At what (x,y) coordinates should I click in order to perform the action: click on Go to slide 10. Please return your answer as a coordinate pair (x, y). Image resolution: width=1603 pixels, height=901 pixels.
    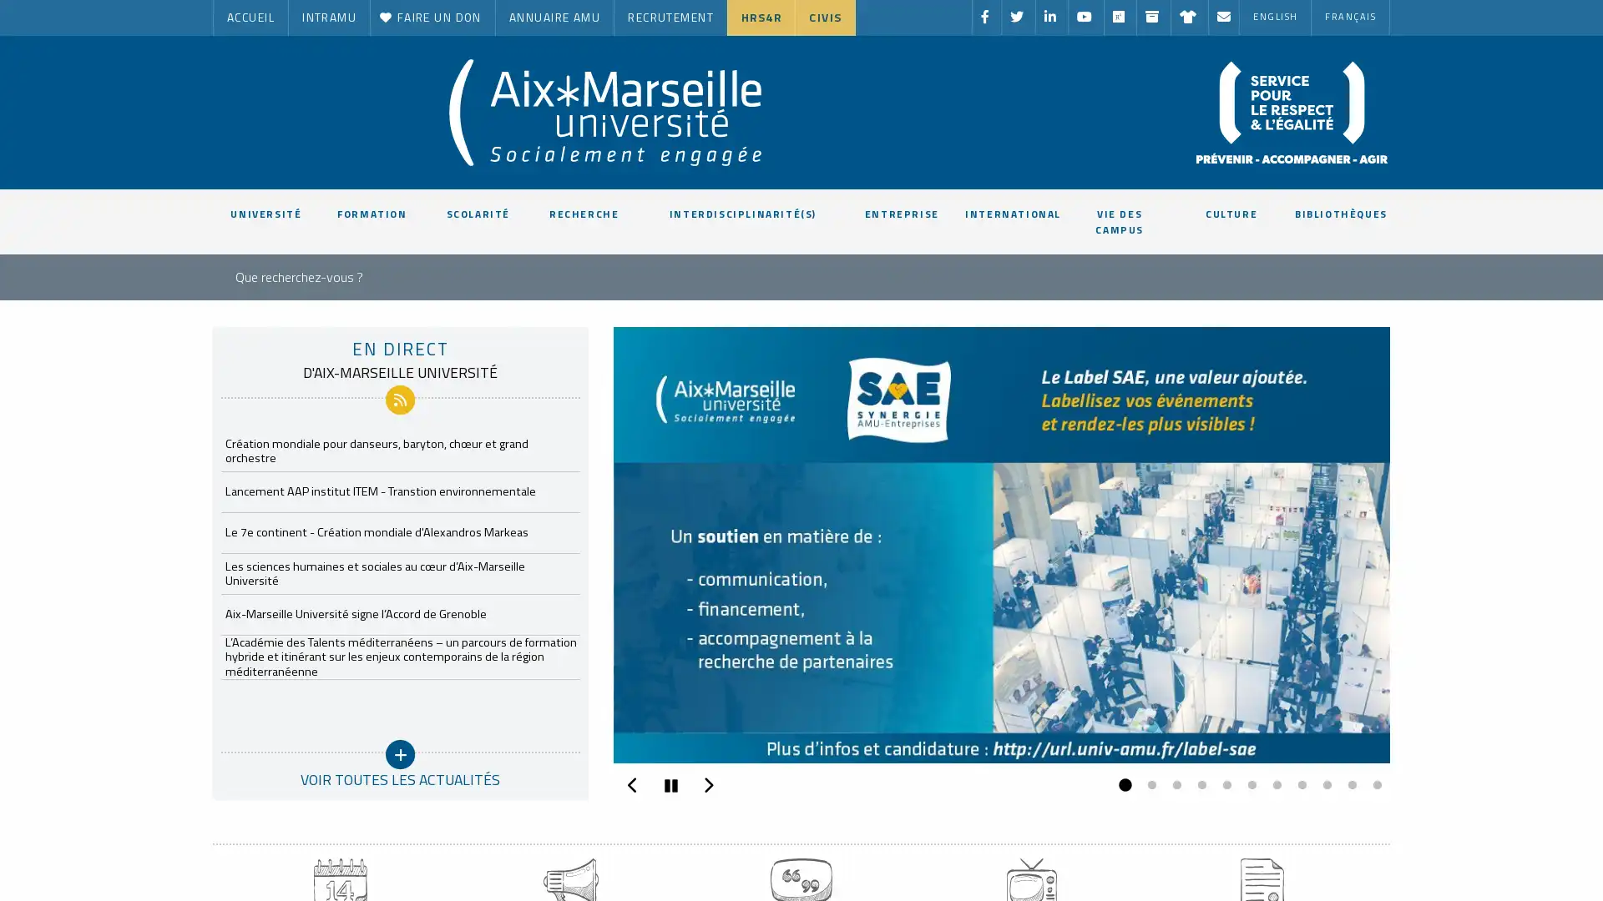
    Looking at the image, I should click on (1348, 785).